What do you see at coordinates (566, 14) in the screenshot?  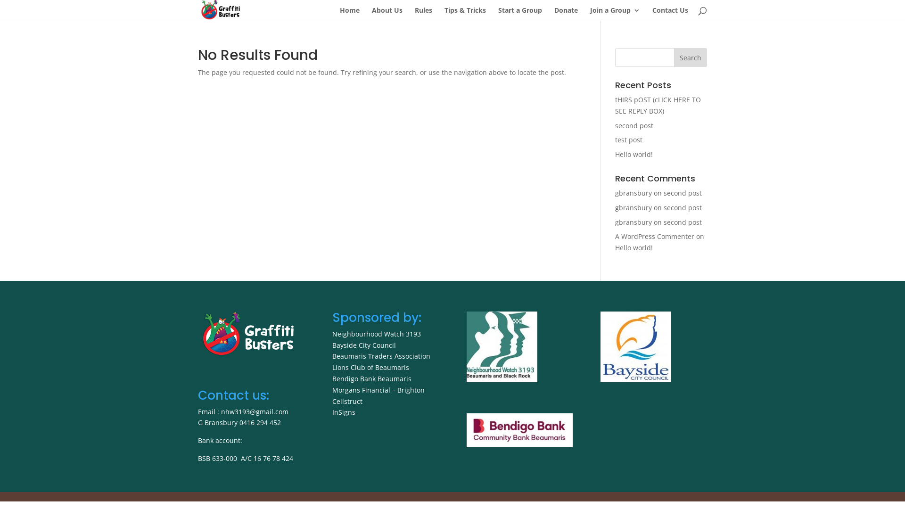 I see `'Donate'` at bounding box center [566, 14].